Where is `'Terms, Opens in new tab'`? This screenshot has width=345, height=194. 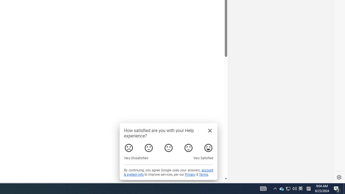 'Terms, Opens in new tab' is located at coordinates (203, 175).